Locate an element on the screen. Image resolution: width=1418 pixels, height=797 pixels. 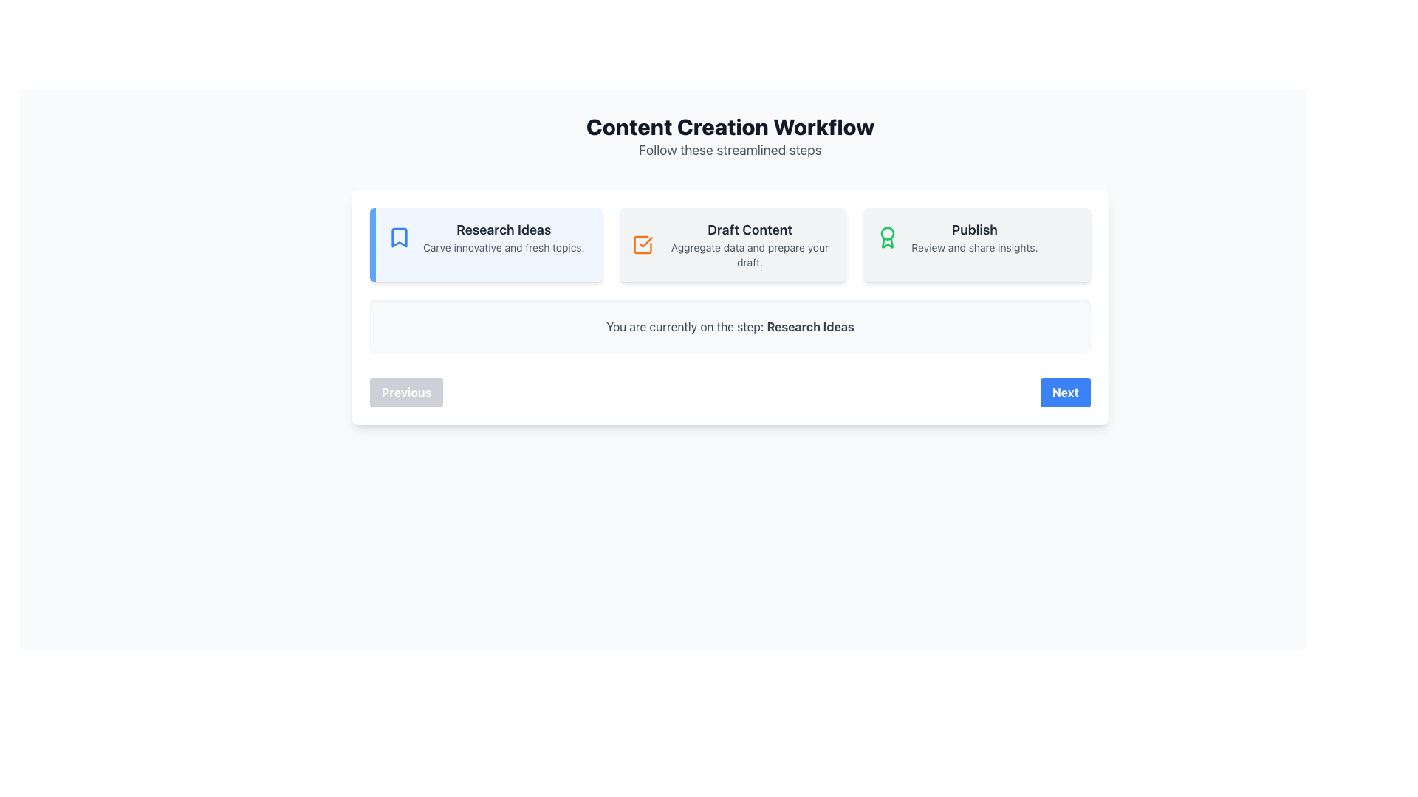
the Information Card that provides an overview of the 'Research Ideas' step in the content creation workflow is located at coordinates (486, 244).